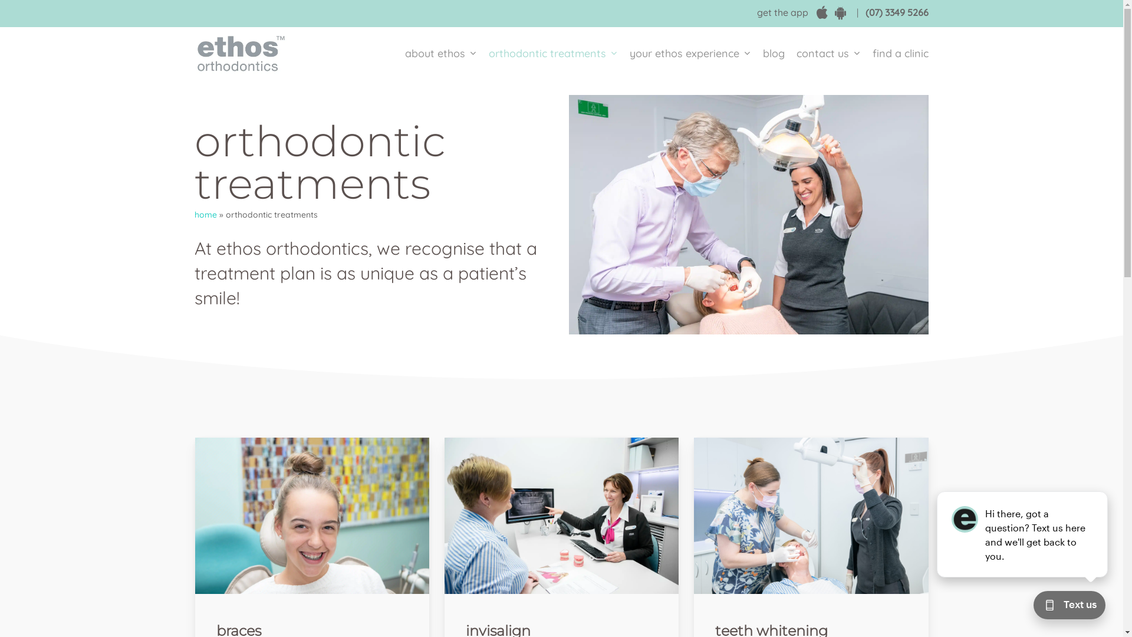 Image resolution: width=1132 pixels, height=637 pixels. I want to click on 'your ethos experience', so click(690, 54).